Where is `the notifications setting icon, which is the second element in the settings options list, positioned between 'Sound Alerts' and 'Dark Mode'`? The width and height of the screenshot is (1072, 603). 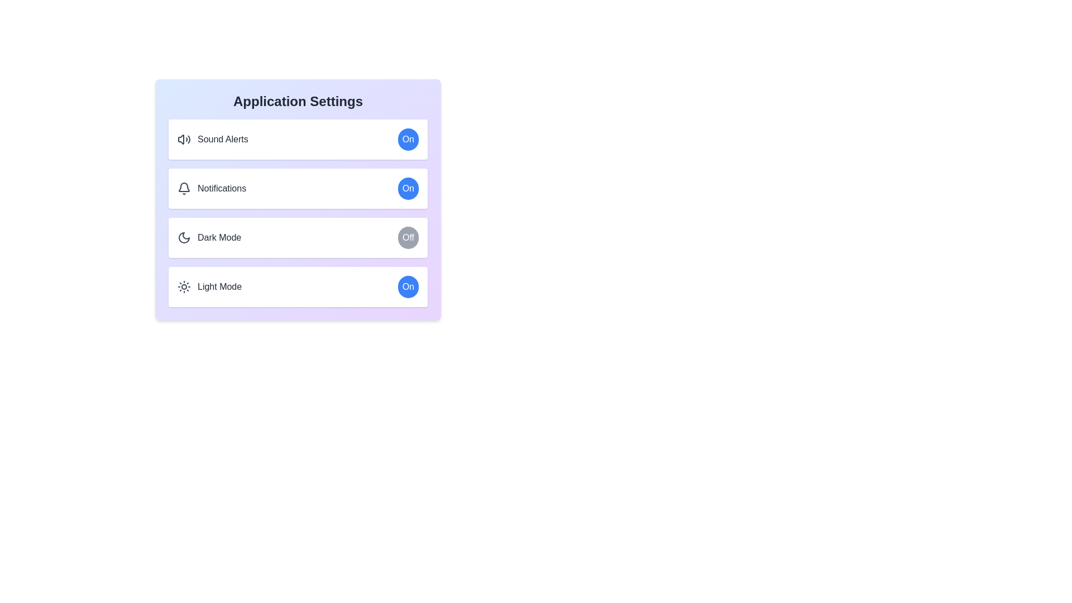 the notifications setting icon, which is the second element in the settings options list, positioned between 'Sound Alerts' and 'Dark Mode' is located at coordinates (184, 186).